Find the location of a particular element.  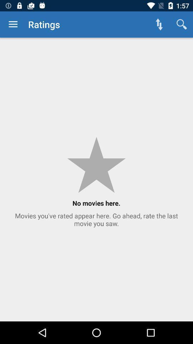

the item next to ratings app is located at coordinates (13, 24).